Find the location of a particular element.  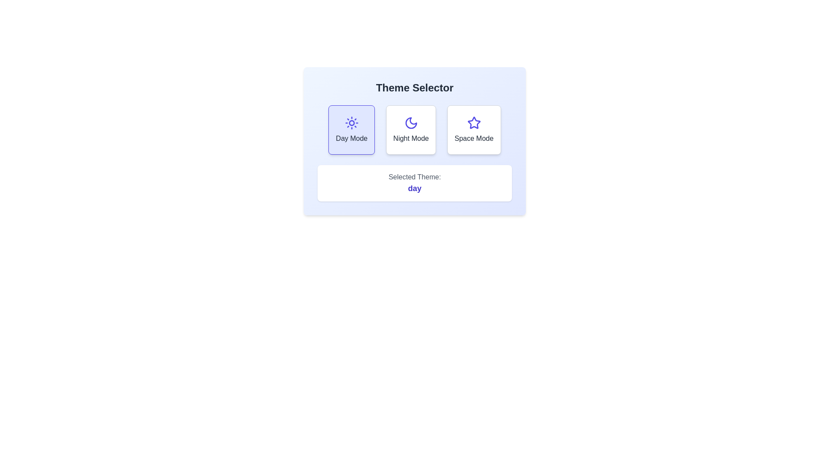

the central circular decorative element of the sun icon in the 'Day Mode' button, which is the first option in the theme selector interface is located at coordinates (351, 123).